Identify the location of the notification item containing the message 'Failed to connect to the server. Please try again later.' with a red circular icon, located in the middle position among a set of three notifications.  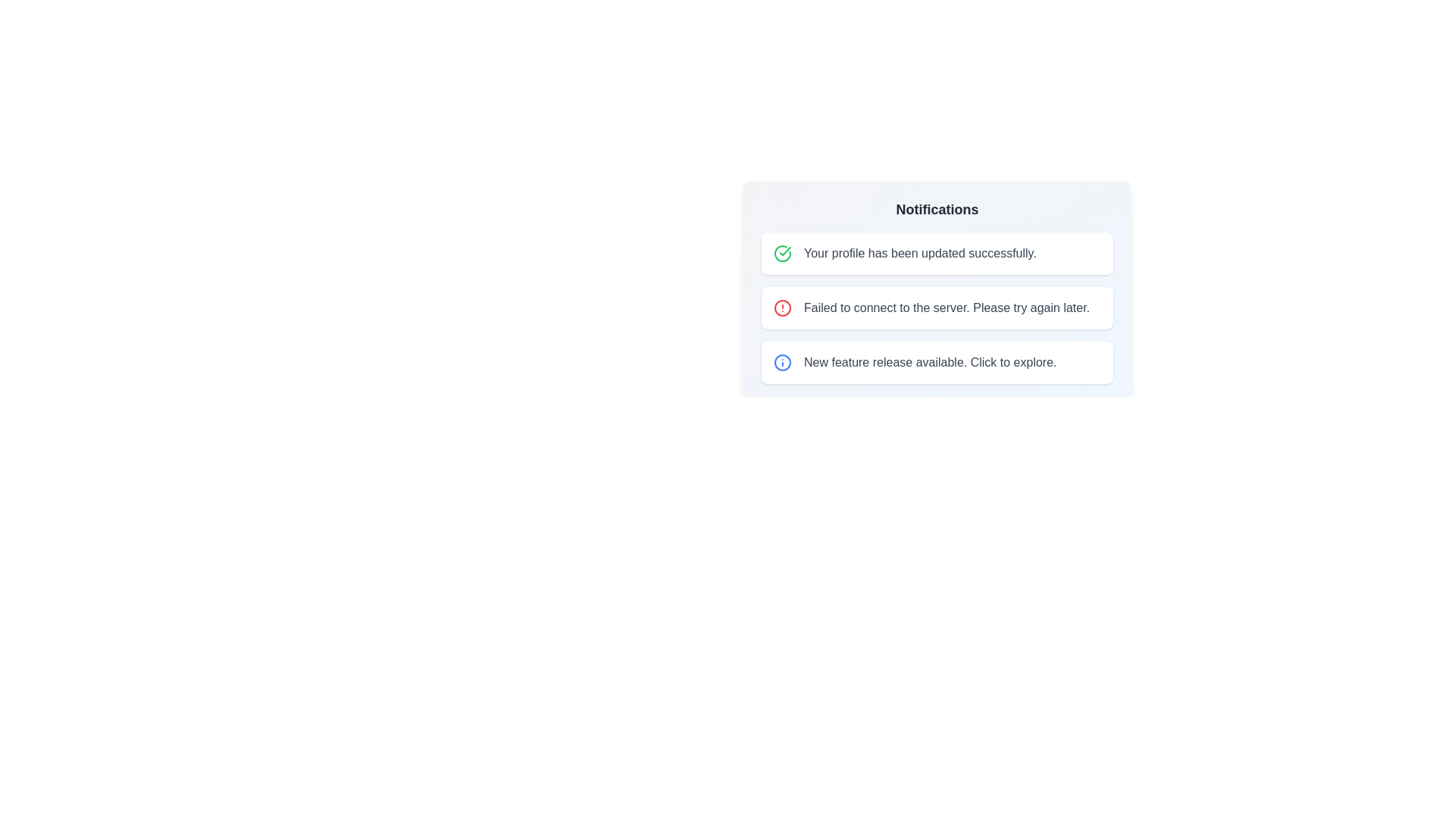
(937, 279).